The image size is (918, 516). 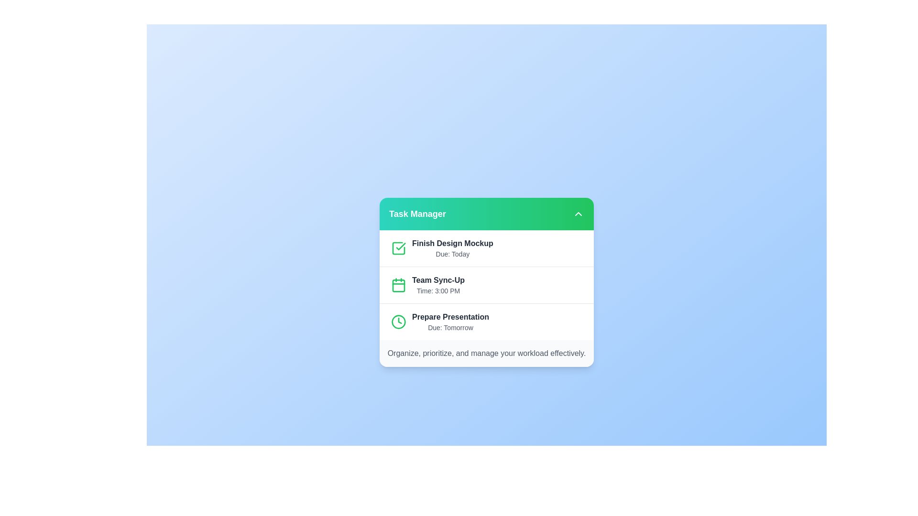 What do you see at coordinates (437, 279) in the screenshot?
I see `the task item 'Team Sync-Up' by clicking on it` at bounding box center [437, 279].